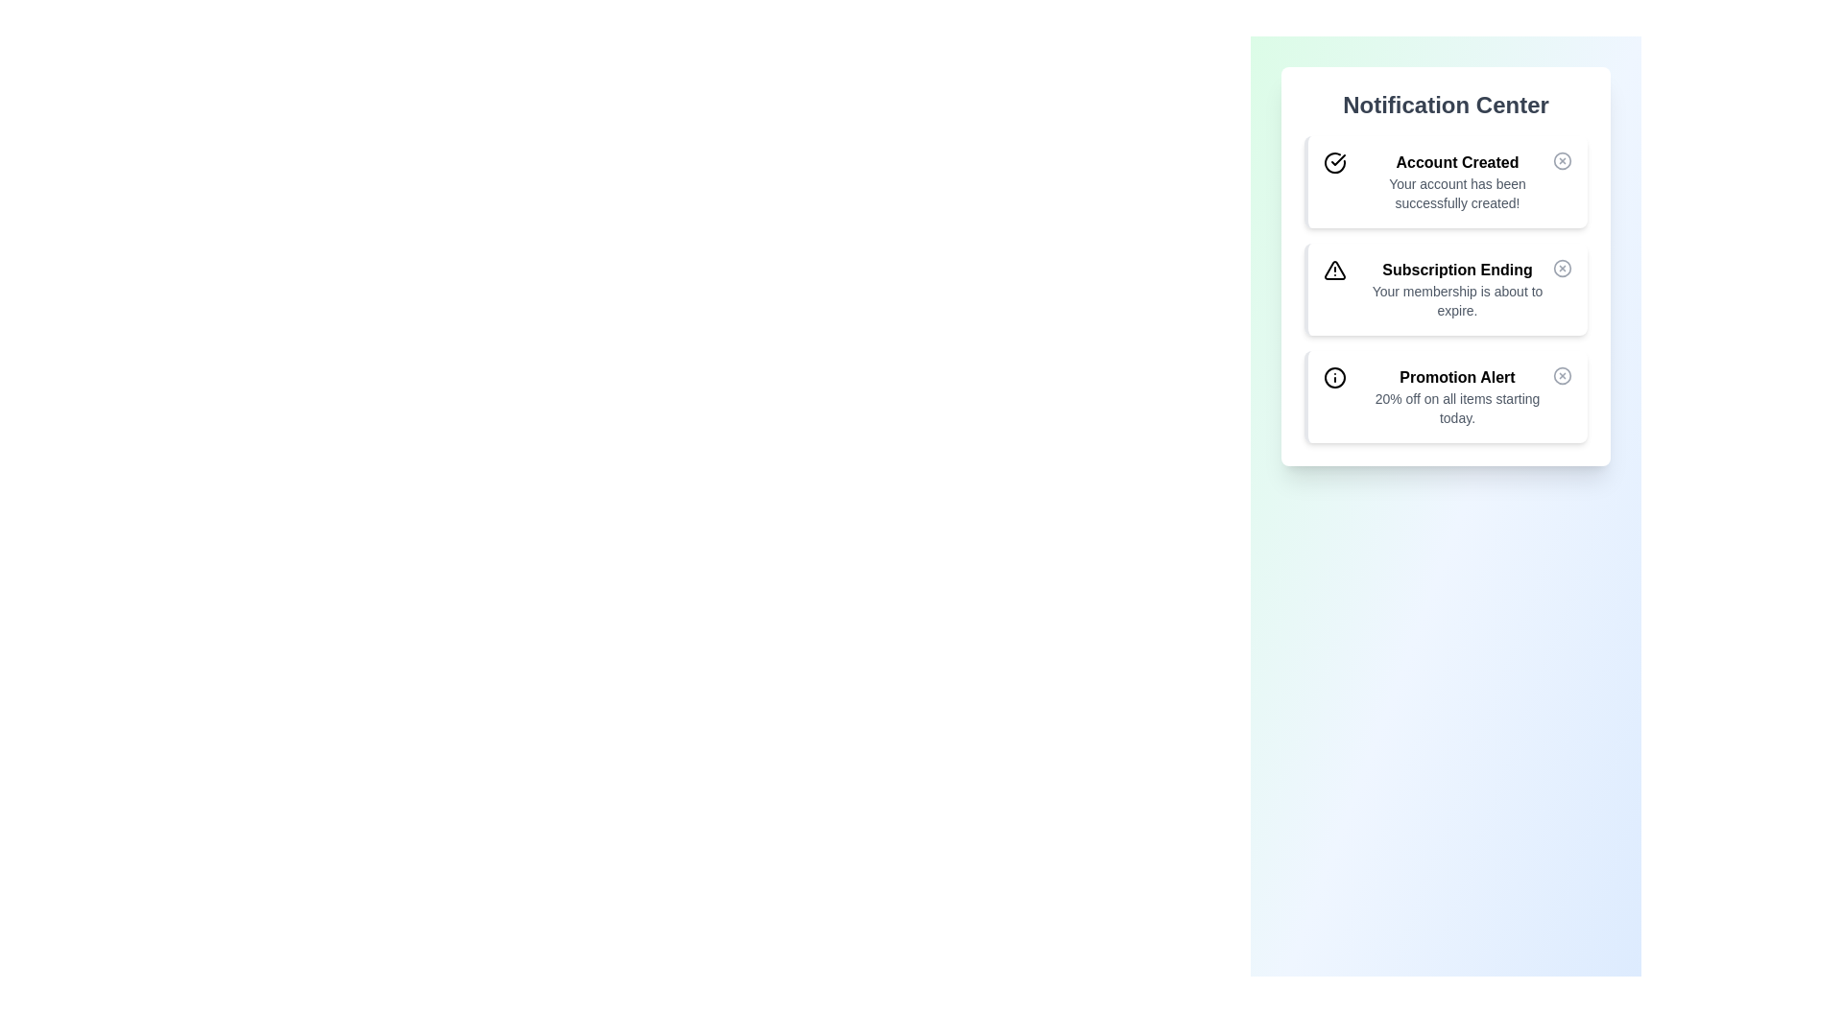 The image size is (1843, 1036). Describe the element at coordinates (1337, 158) in the screenshot. I see `checkmark icon element within the first notification card titled 'Account Created' located at the top-right of the Notification Center` at that location.